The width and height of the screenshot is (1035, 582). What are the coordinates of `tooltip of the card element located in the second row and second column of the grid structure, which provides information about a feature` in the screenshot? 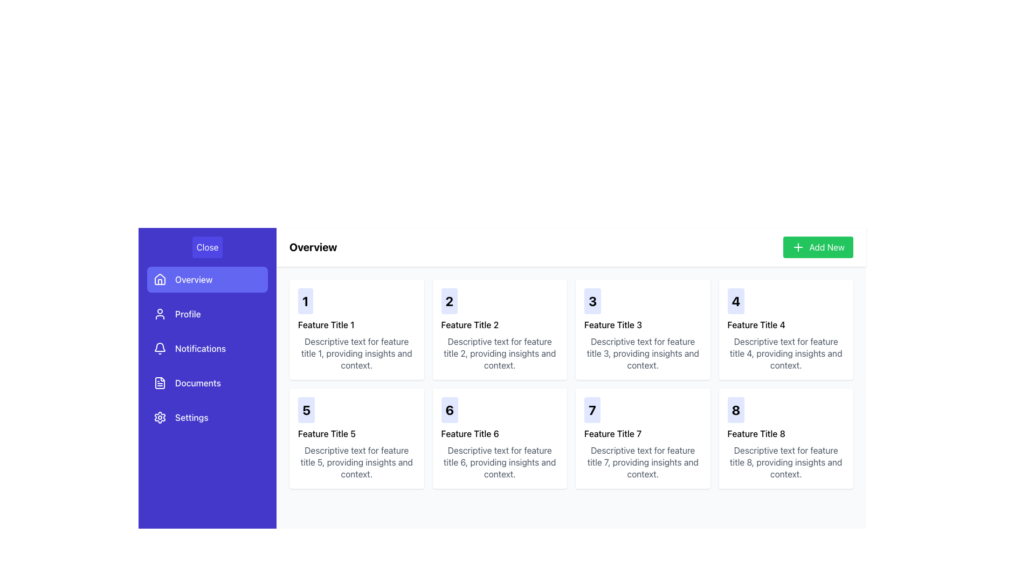 It's located at (499, 438).